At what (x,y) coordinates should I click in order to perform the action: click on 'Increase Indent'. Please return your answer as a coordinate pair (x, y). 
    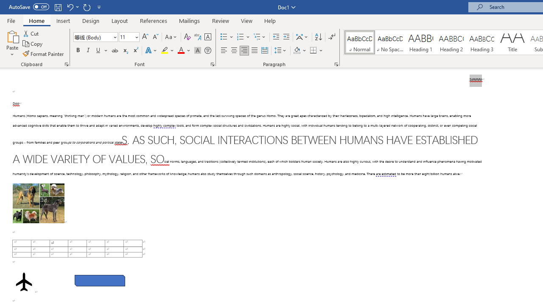
    Looking at the image, I should click on (286, 36).